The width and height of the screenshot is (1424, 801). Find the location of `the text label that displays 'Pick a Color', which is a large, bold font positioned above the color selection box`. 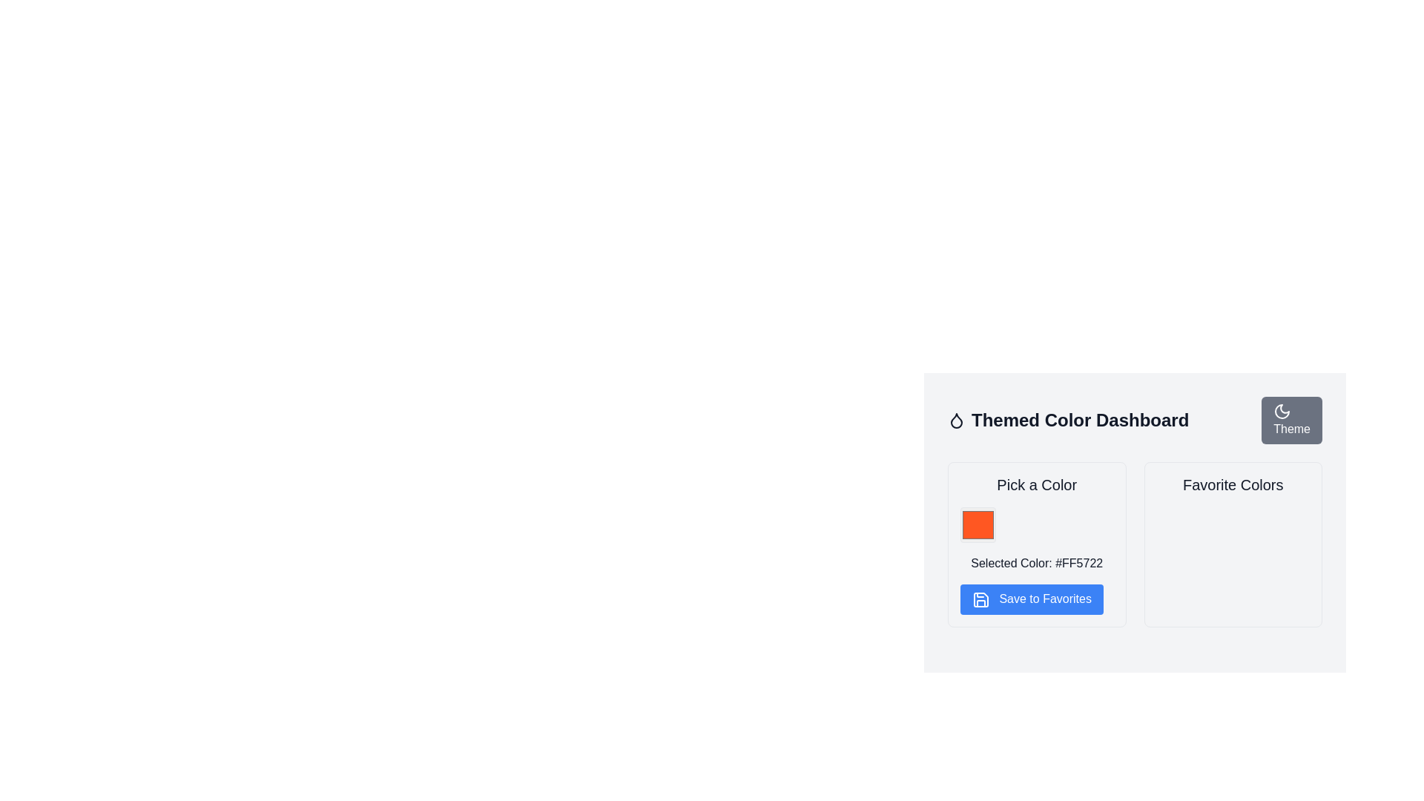

the text label that displays 'Pick a Color', which is a large, bold font positioned above the color selection box is located at coordinates (1036, 485).